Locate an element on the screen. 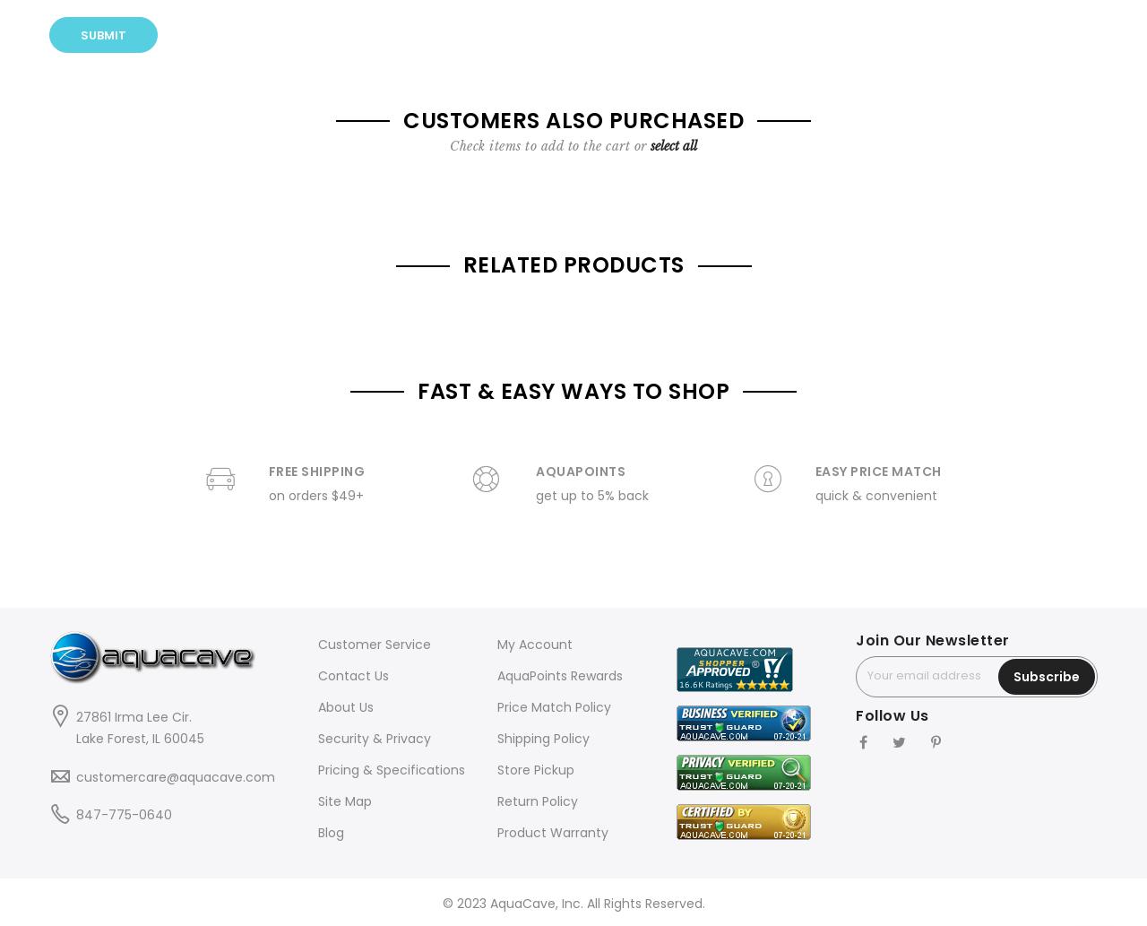 Image resolution: width=1147 pixels, height=926 pixels. '847-775-0640' is located at coordinates (123, 814).